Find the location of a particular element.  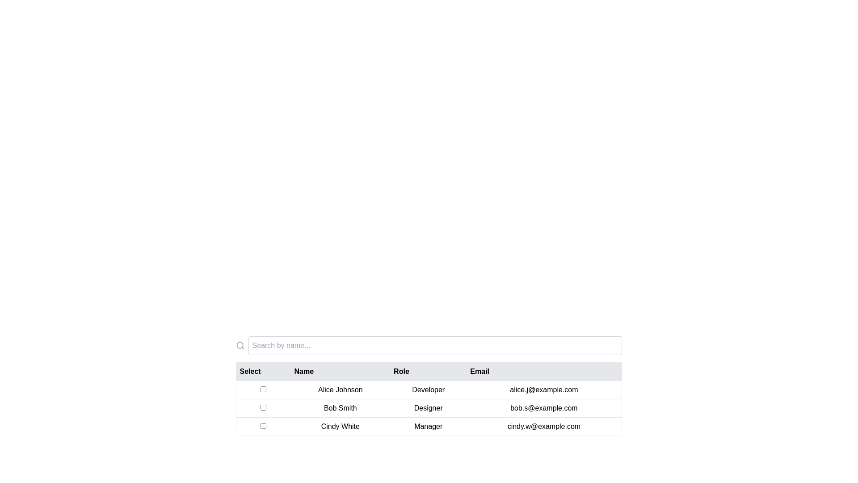

the checkbox located in the 'Select' column of the table for 'Bob Smith' is located at coordinates (263, 407).